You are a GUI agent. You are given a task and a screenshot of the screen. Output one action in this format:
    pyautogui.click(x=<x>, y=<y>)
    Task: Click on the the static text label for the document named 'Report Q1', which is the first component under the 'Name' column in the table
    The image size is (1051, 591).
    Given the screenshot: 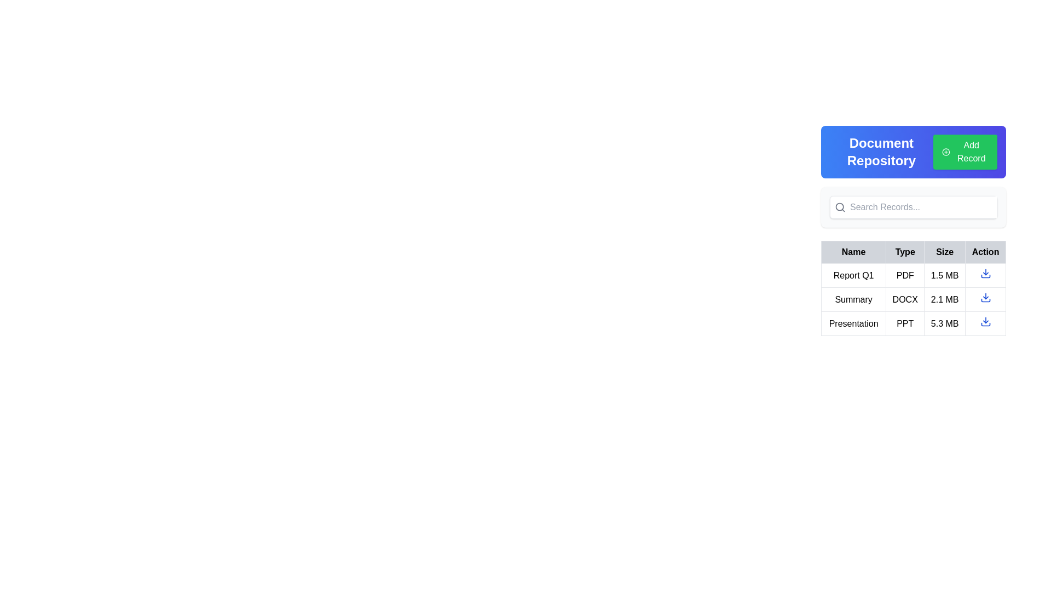 What is the action you would take?
    pyautogui.click(x=853, y=275)
    